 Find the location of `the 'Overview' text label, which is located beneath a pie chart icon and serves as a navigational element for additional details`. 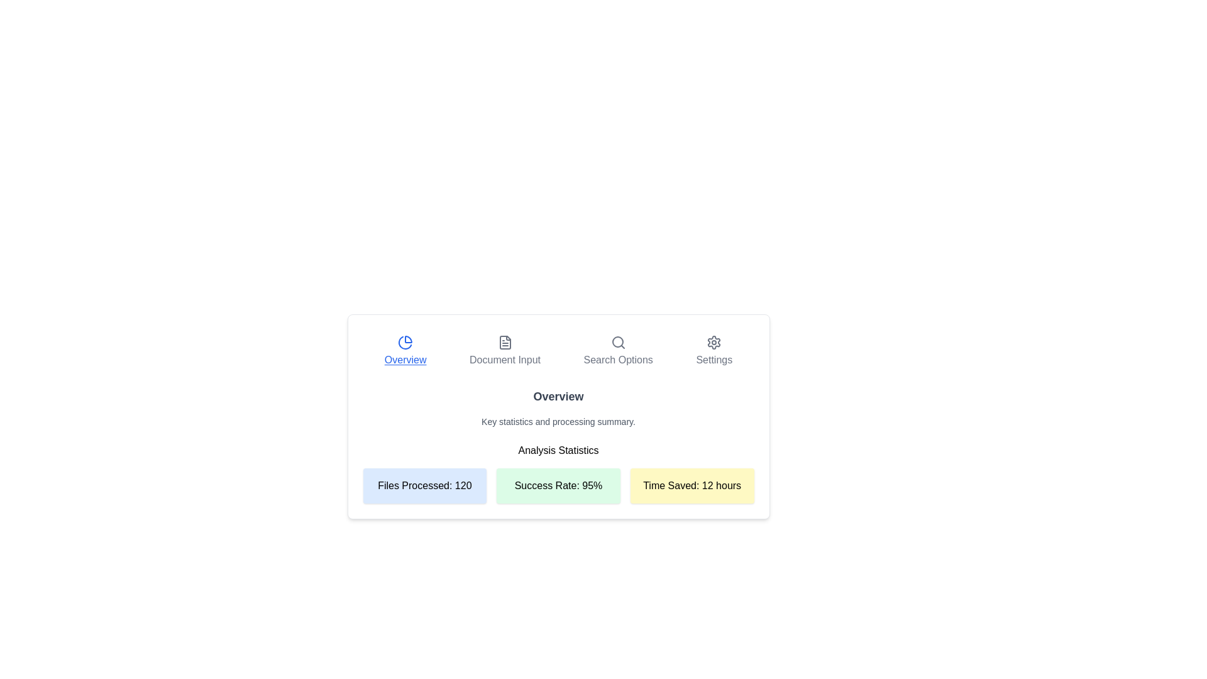

the 'Overview' text label, which is located beneath a pie chart icon and serves as a navigational element for additional details is located at coordinates (405, 360).